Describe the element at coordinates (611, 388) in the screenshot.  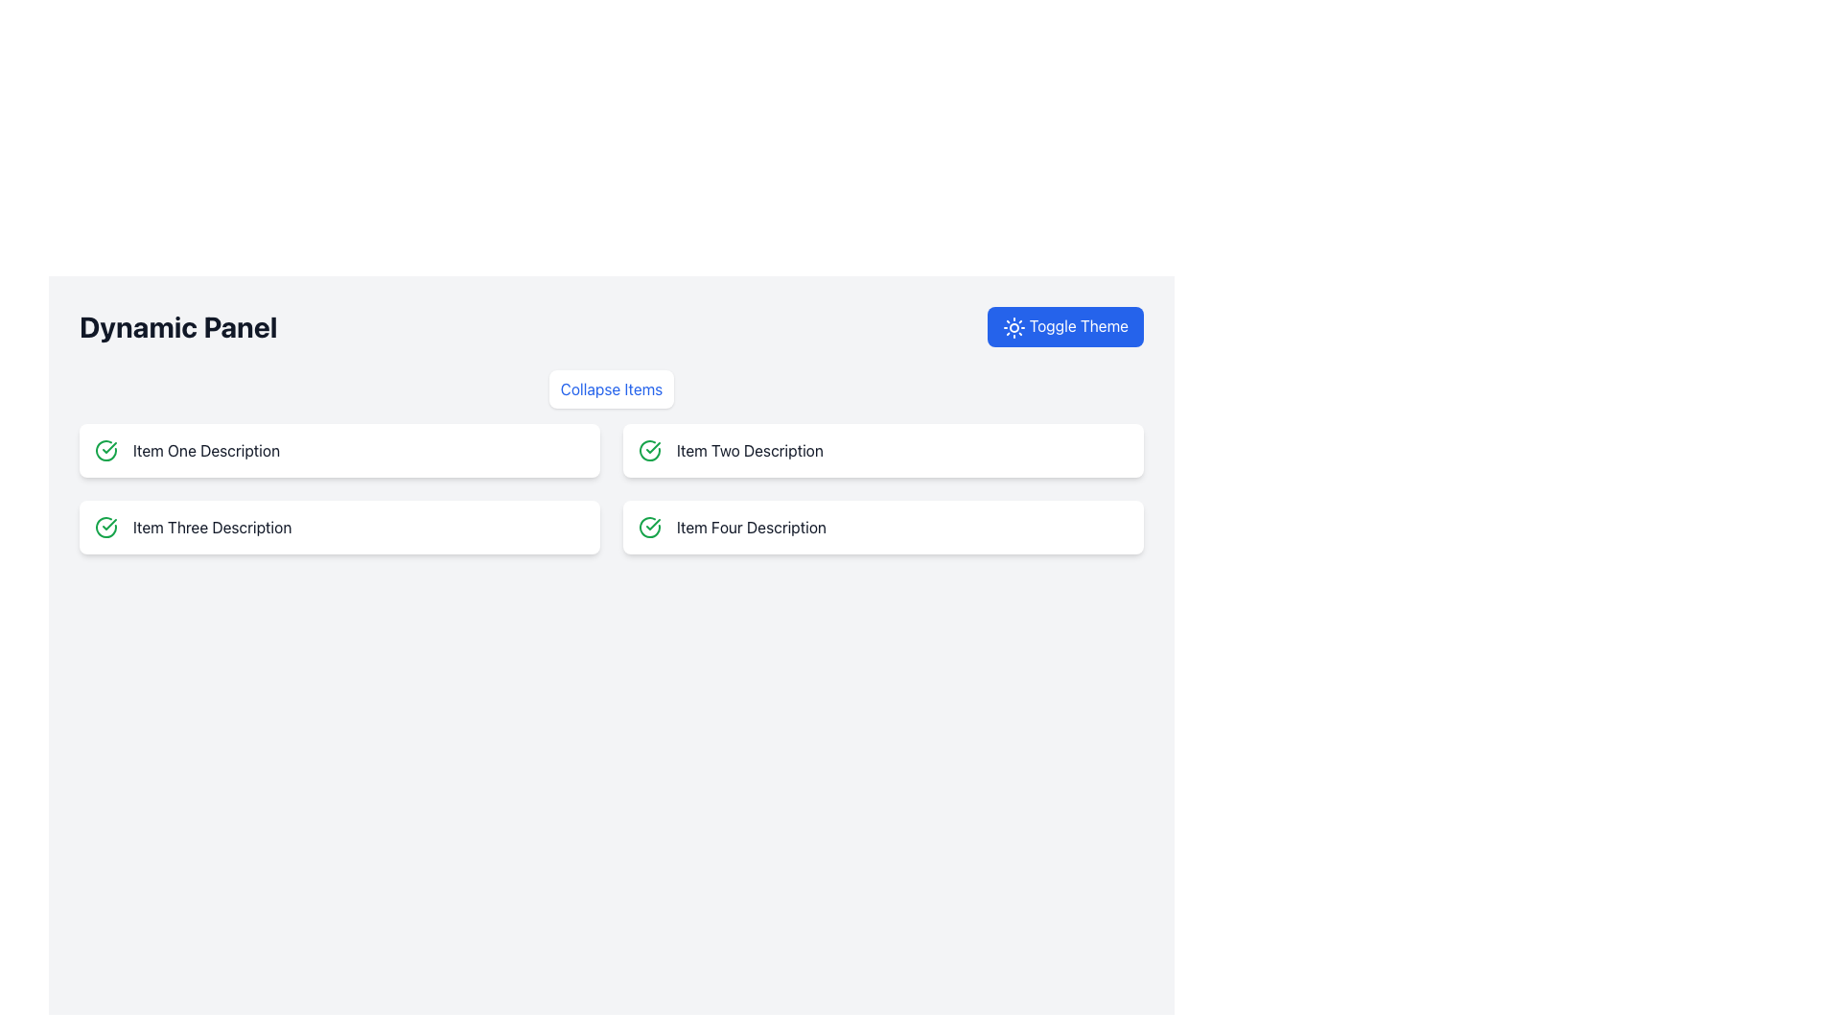
I see `the 'Collapse Items' button, which has blue text on a white background and is located near the top center of the interface, slightly to the right of the center` at that location.